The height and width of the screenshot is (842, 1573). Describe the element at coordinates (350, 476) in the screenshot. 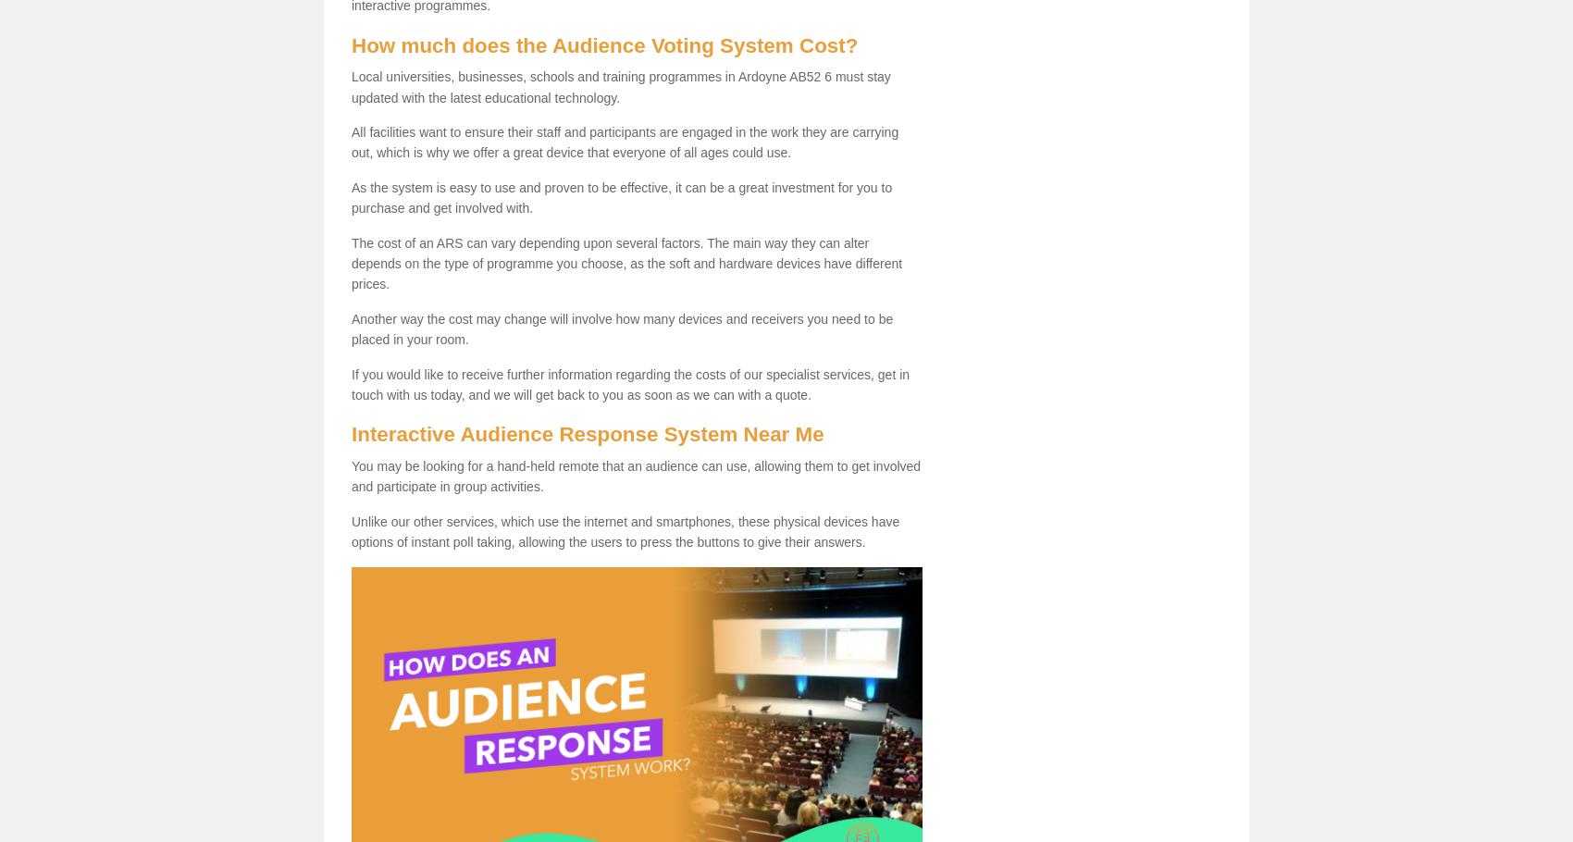

I see `'You may be looking for a hand-held remote that an audience can use, allowing them to get involved and participate in group activities.'` at that location.